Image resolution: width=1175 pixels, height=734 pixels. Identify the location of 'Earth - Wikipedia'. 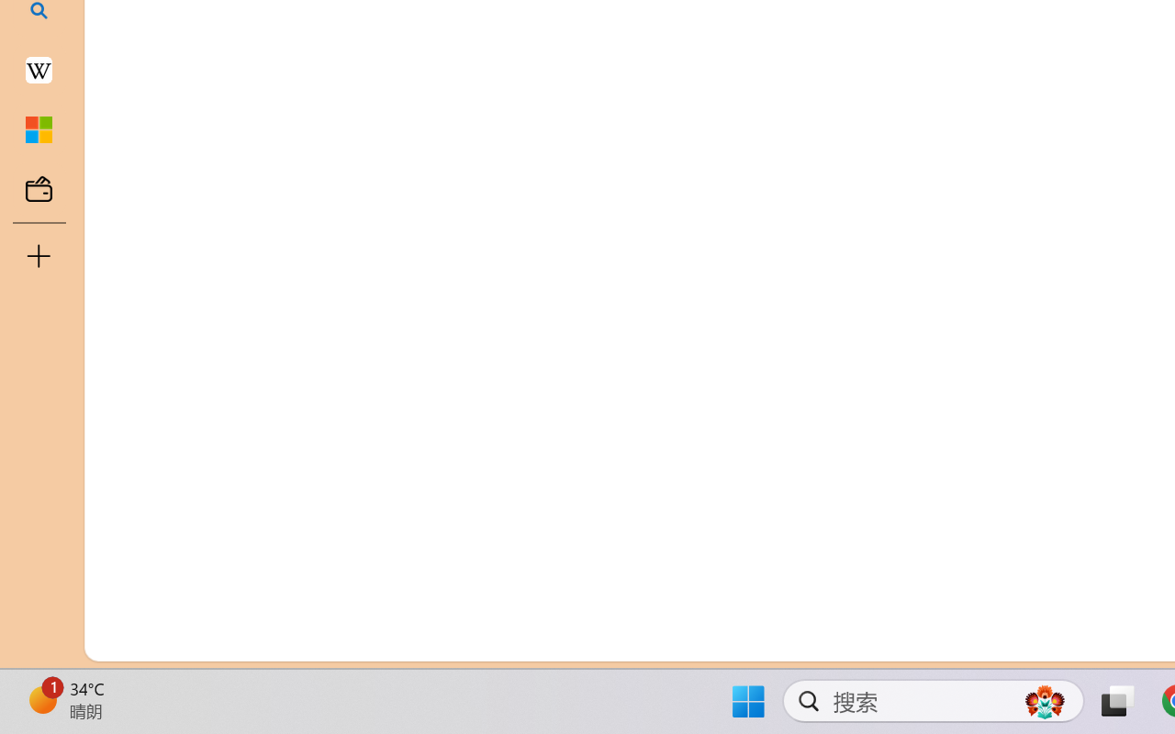
(39, 70).